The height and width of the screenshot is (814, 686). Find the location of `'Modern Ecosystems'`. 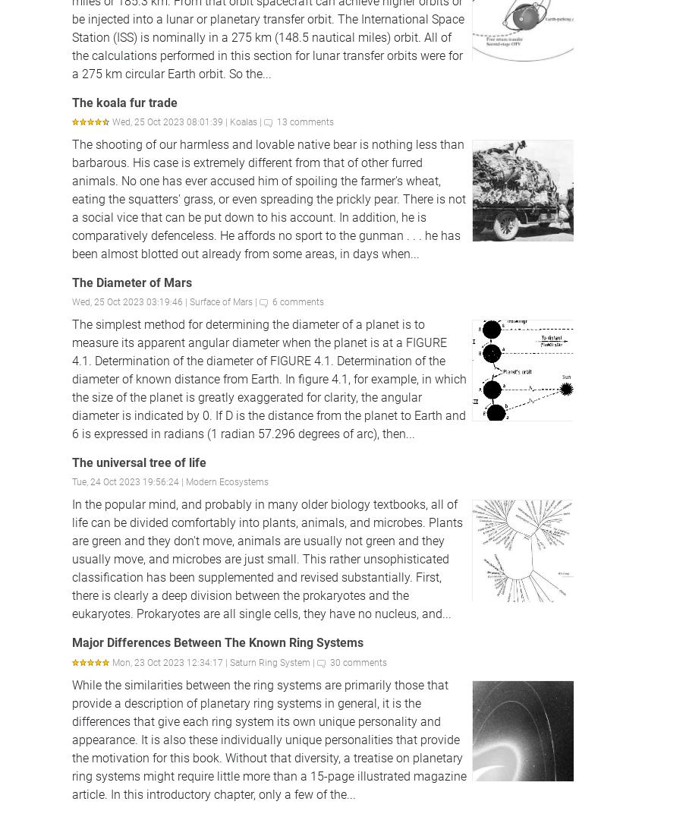

'Modern Ecosystems' is located at coordinates (227, 482).